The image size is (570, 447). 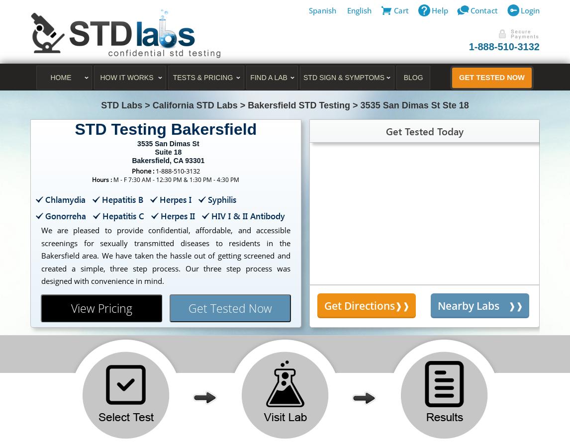 I want to click on 'Get Tested Today', so click(x=385, y=130).